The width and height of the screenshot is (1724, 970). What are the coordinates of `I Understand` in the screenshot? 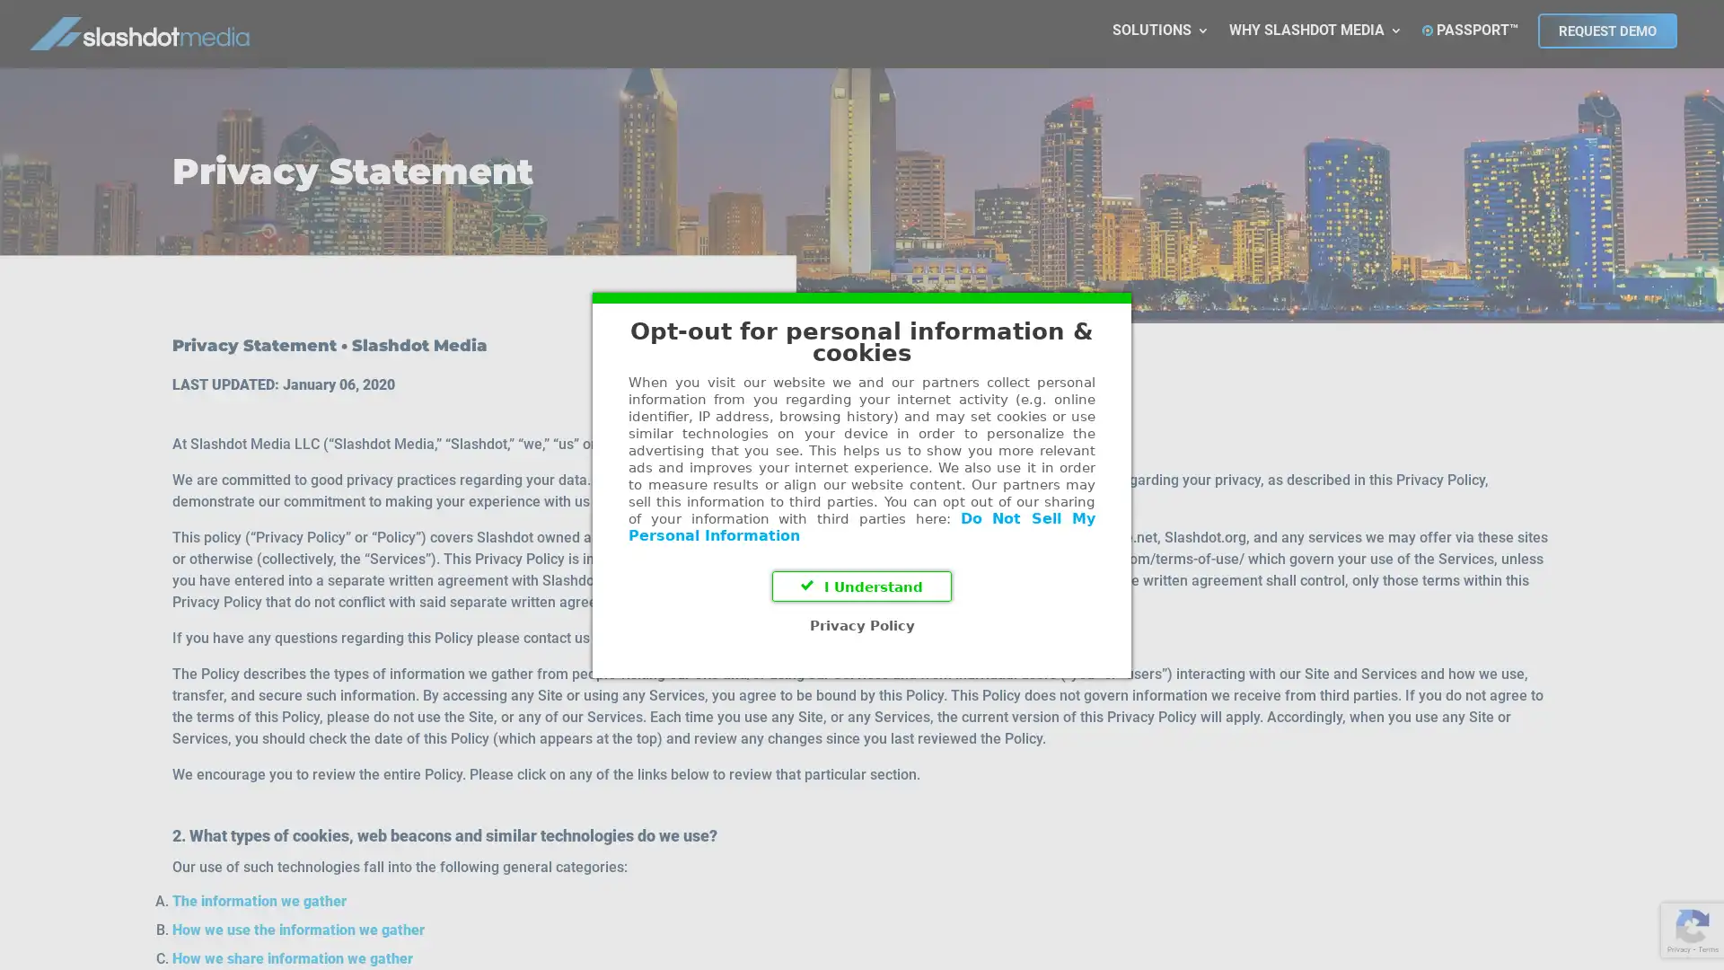 It's located at (862, 586).